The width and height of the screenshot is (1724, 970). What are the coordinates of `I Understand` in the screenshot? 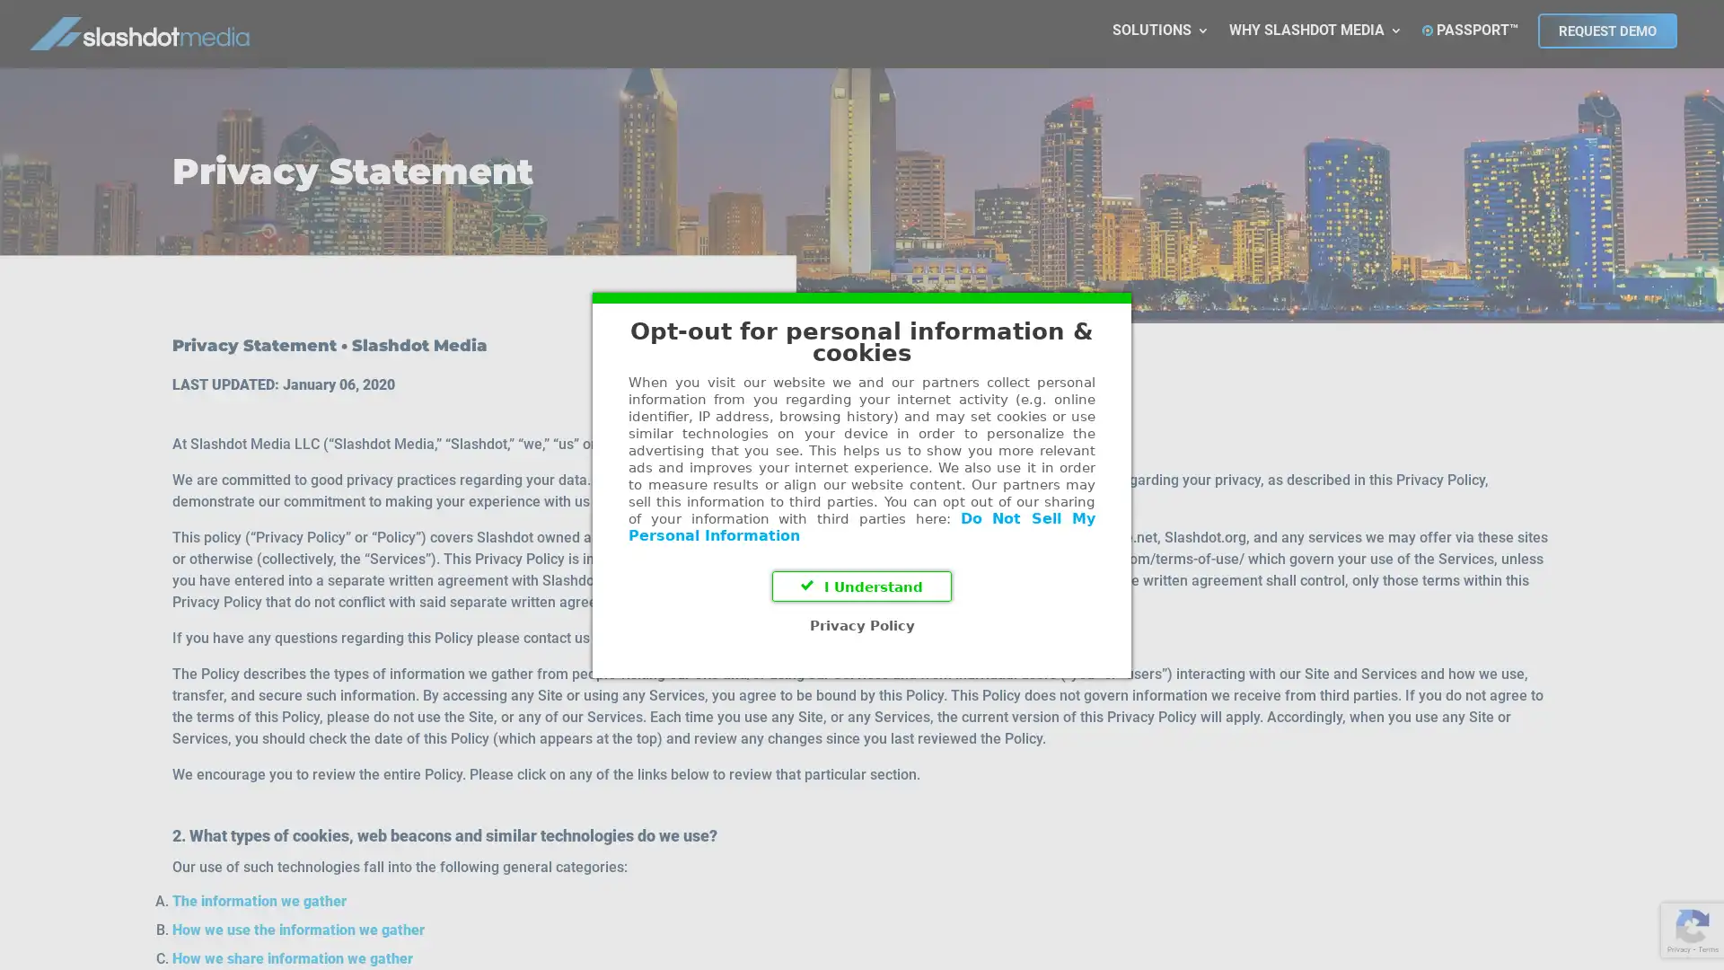 It's located at (862, 586).